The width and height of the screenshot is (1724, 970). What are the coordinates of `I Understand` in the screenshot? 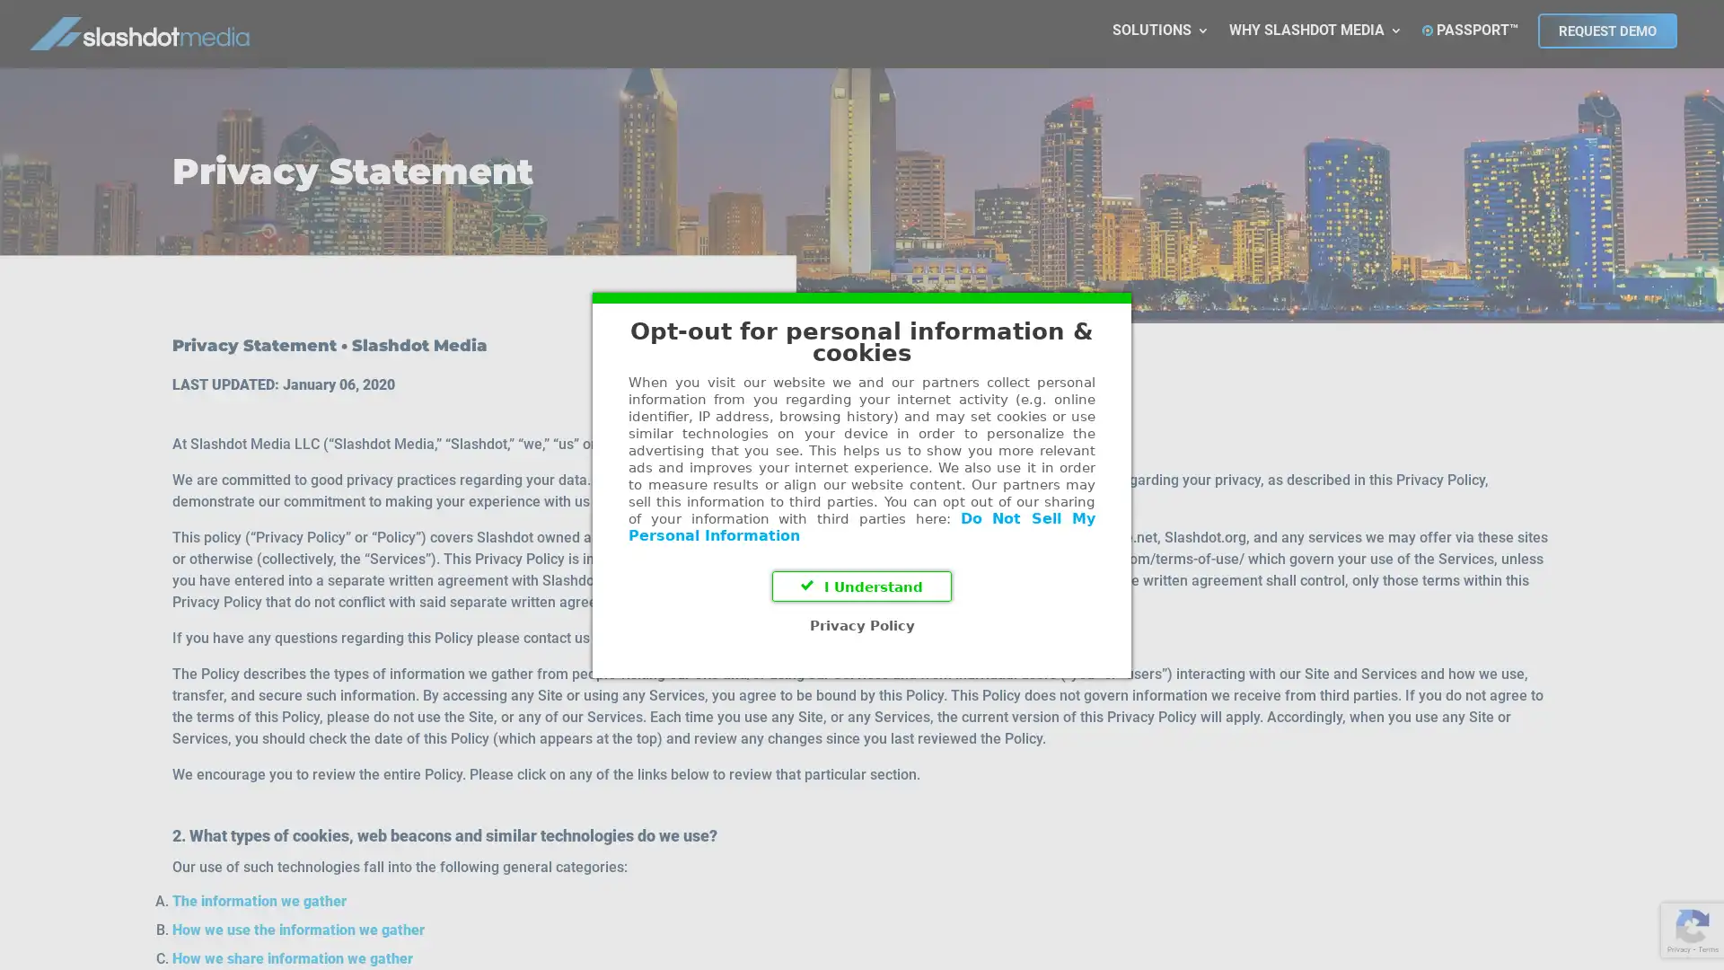 It's located at (862, 586).